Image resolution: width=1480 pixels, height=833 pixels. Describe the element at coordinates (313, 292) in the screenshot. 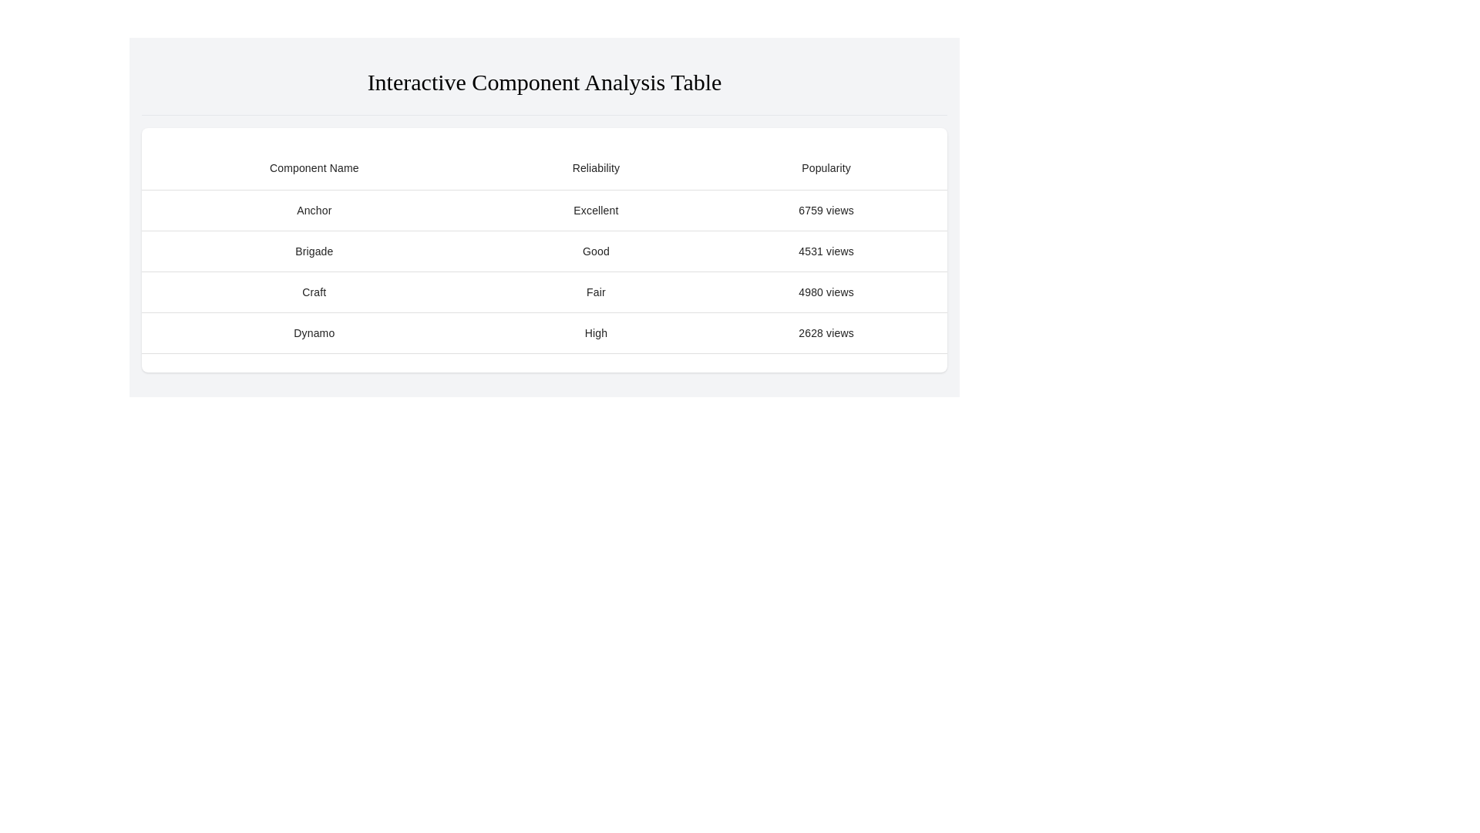

I see `the text element displaying 'Craft', which is located in the first column of a table row under 'Component Name'` at that location.